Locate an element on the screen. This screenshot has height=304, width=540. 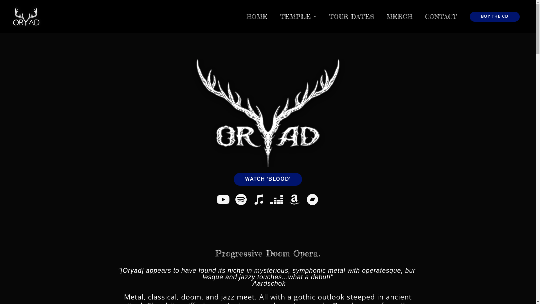
'BUY THE CD' is located at coordinates (494, 16).